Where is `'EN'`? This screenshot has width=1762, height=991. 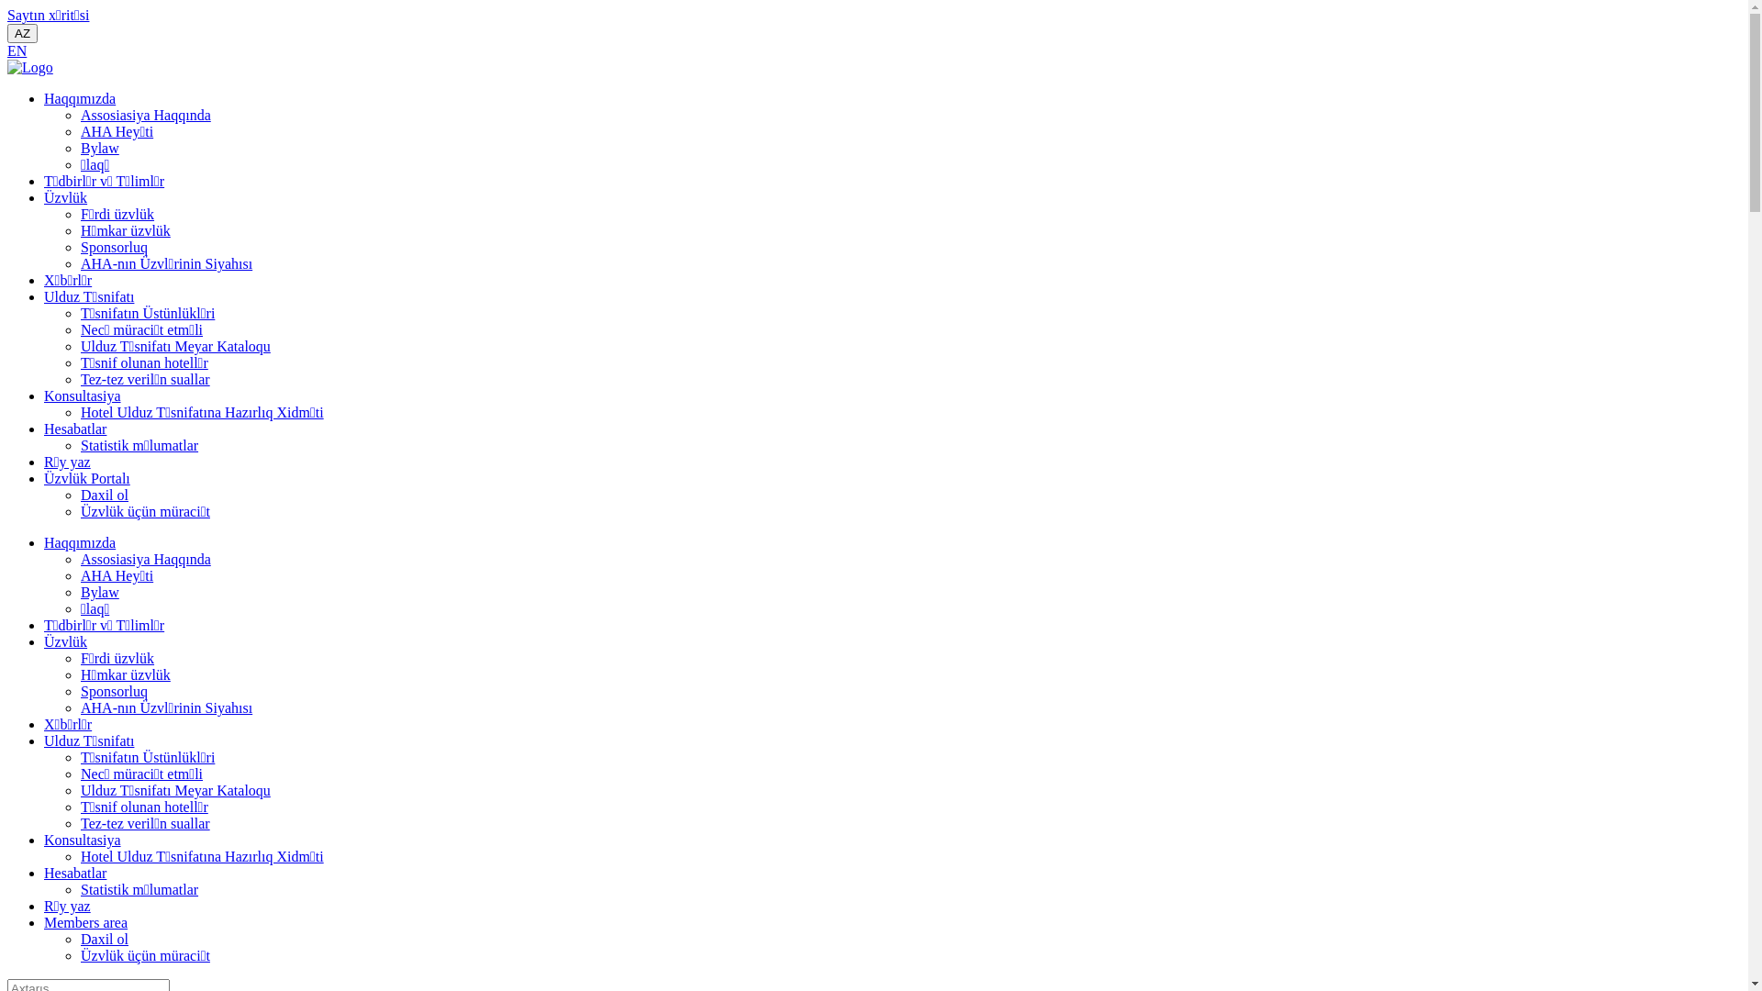
'EN' is located at coordinates (17, 50).